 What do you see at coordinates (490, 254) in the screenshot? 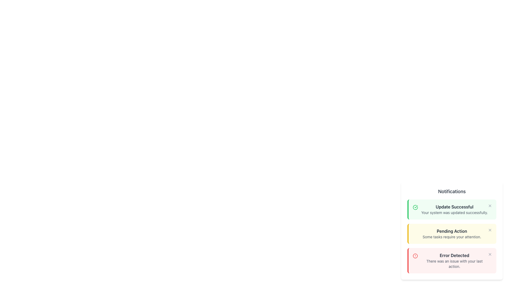
I see `the close button represented by a small gray 'X' icon located at the far right of the 'Error Detected' notification box` at bounding box center [490, 254].